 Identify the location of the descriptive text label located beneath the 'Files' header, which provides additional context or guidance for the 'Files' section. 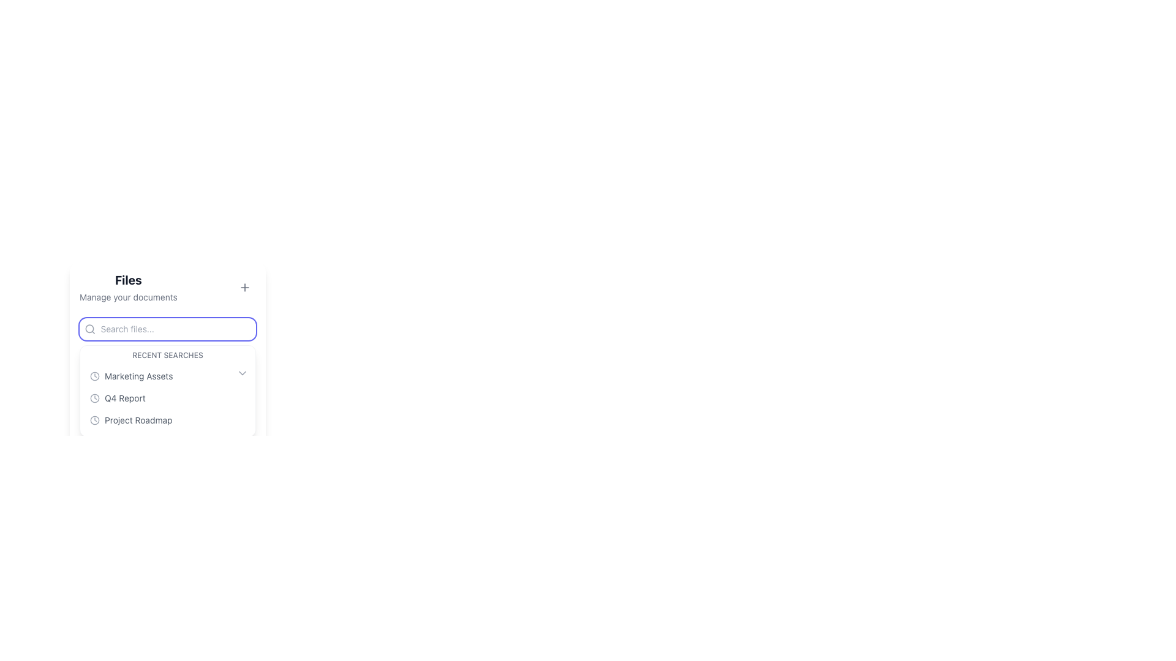
(128, 297).